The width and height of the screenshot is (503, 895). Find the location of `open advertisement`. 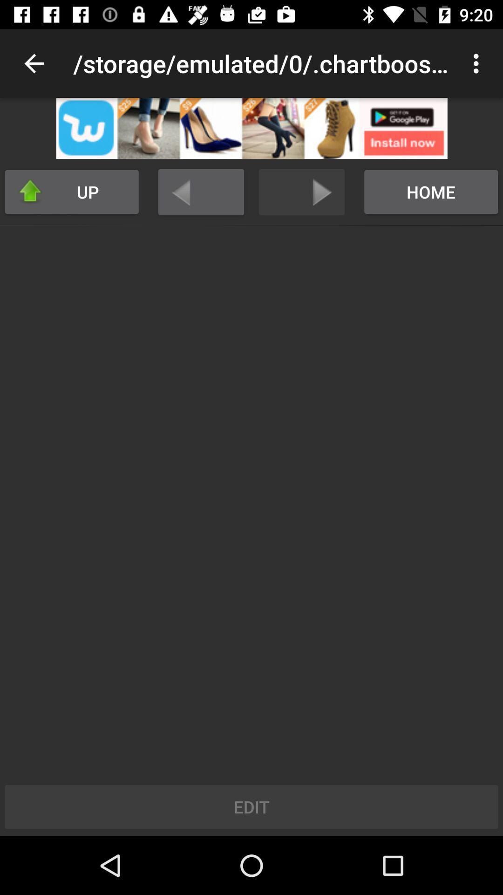

open advertisement is located at coordinates (251, 128).